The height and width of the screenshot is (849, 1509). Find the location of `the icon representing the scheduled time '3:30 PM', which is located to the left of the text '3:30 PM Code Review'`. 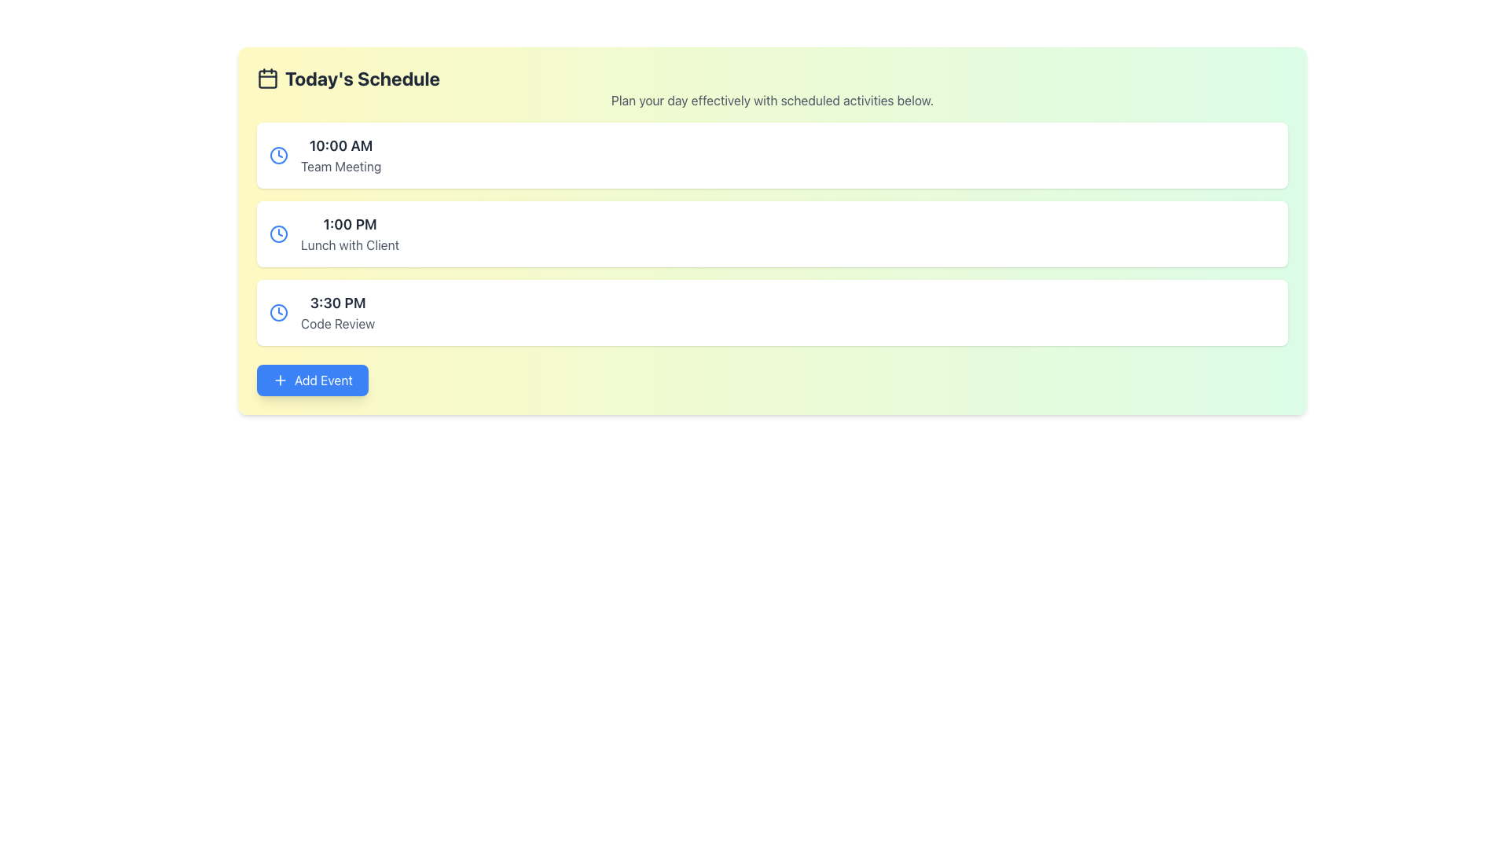

the icon representing the scheduled time '3:30 PM', which is located to the left of the text '3:30 PM Code Review' is located at coordinates (279, 312).